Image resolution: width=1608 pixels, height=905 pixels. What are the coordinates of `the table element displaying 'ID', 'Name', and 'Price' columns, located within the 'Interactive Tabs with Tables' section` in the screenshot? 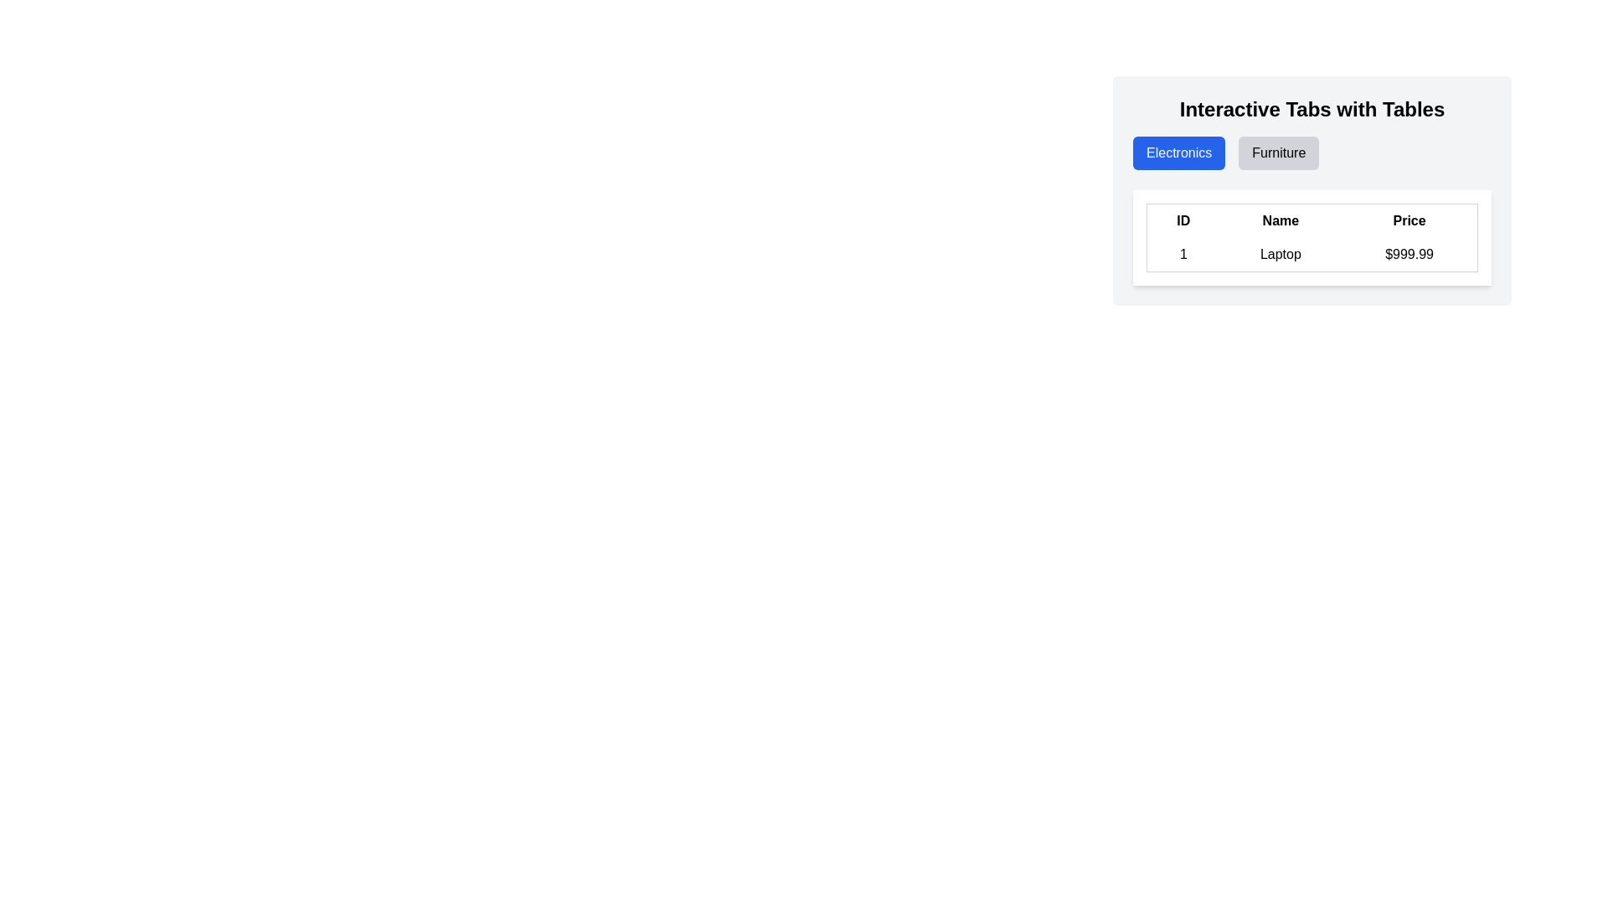 It's located at (1311, 238).